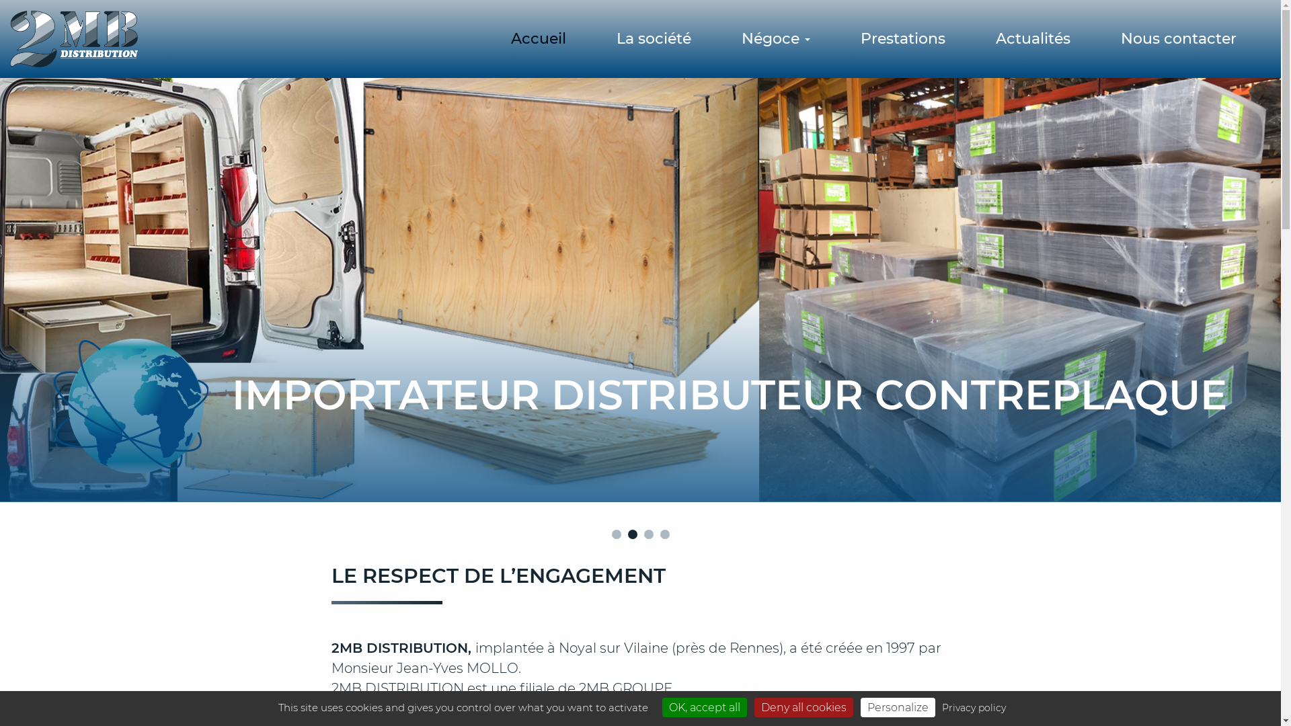 The image size is (1291, 726). What do you see at coordinates (631, 533) in the screenshot?
I see `'2'` at bounding box center [631, 533].